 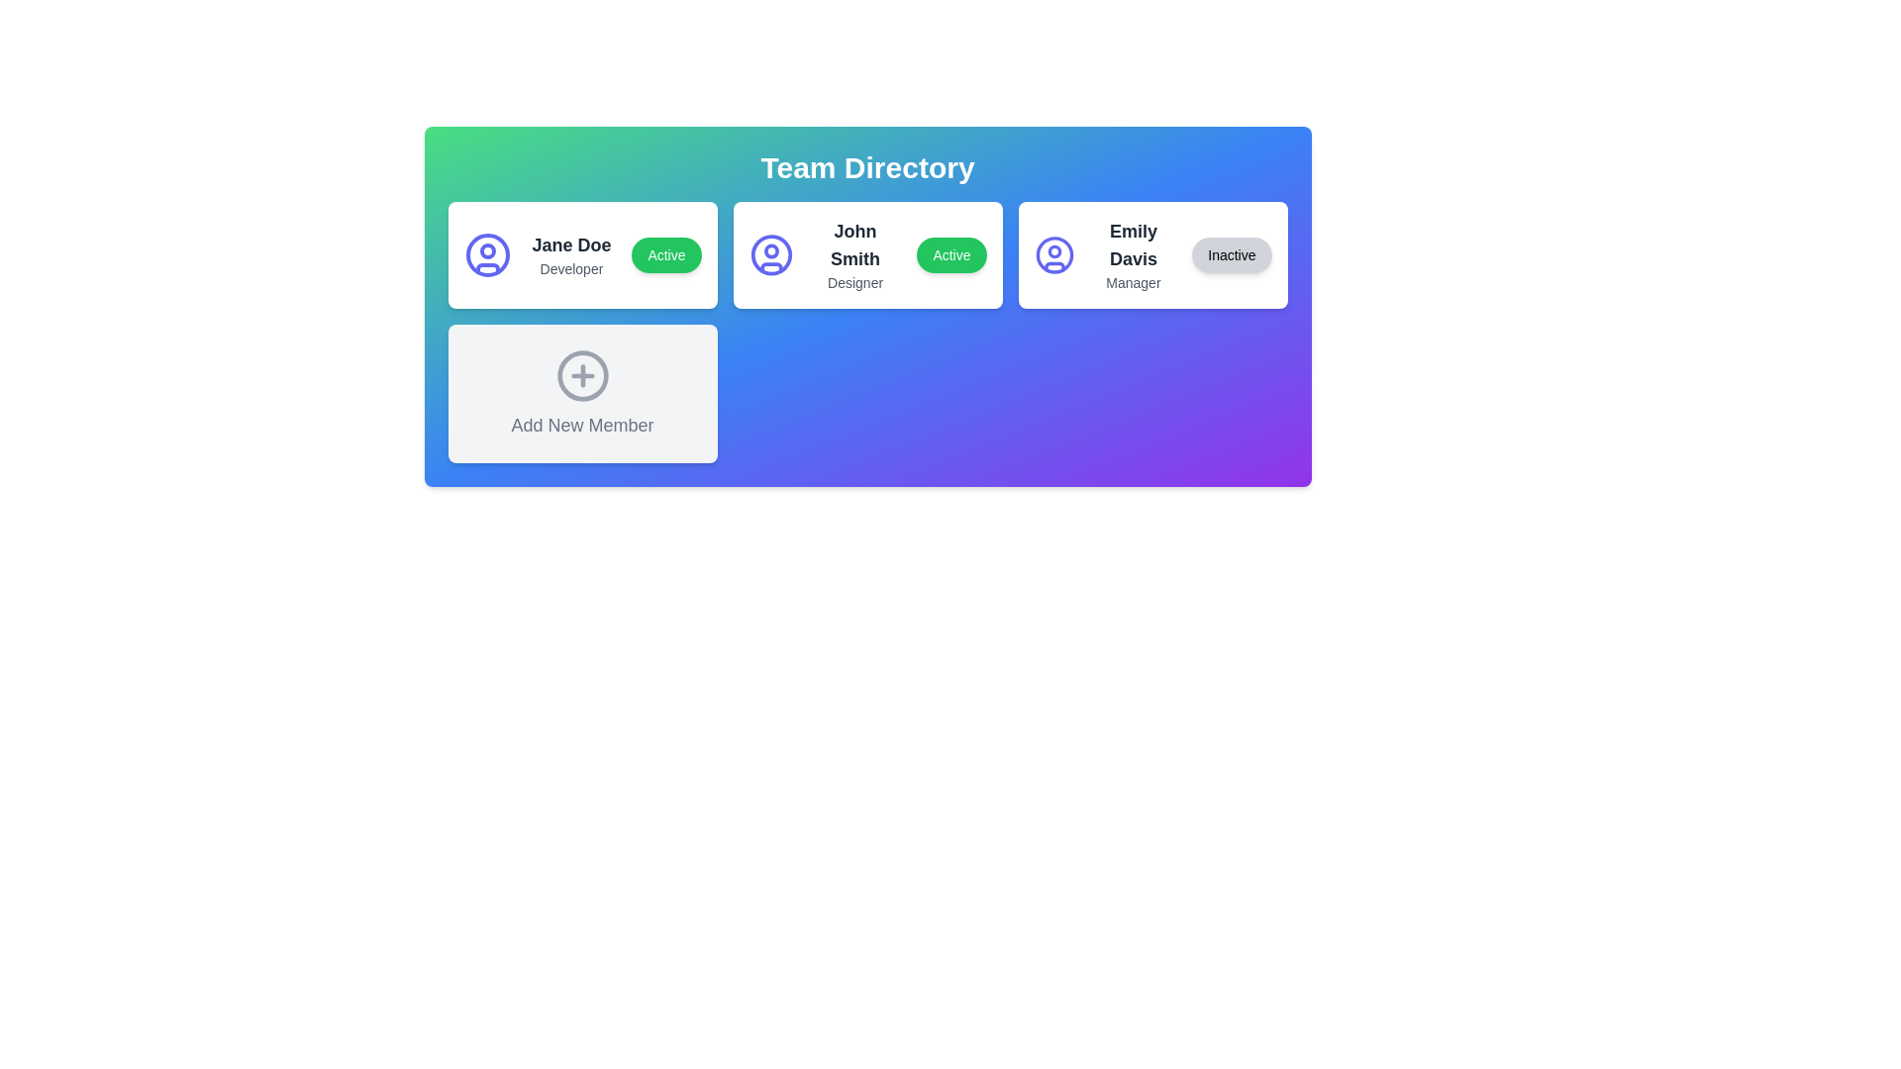 What do you see at coordinates (855, 254) in the screenshot?
I see `the text label that identifies team member 'John Smith', which is located in the second card of the team directory view, aligned to the left of the 'Active' status button` at bounding box center [855, 254].